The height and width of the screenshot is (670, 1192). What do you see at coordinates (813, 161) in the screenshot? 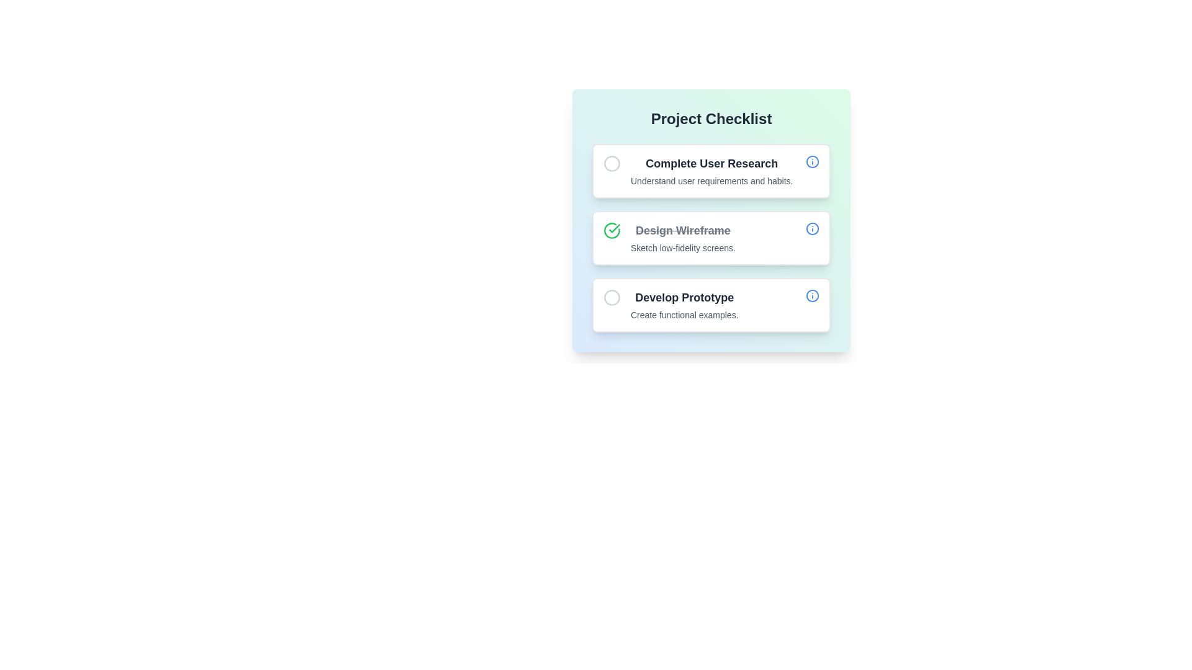
I see `the circular 'i' icon with a blue outline and white background located on the far-right side of the 'Complete User Research' checklist item` at bounding box center [813, 161].